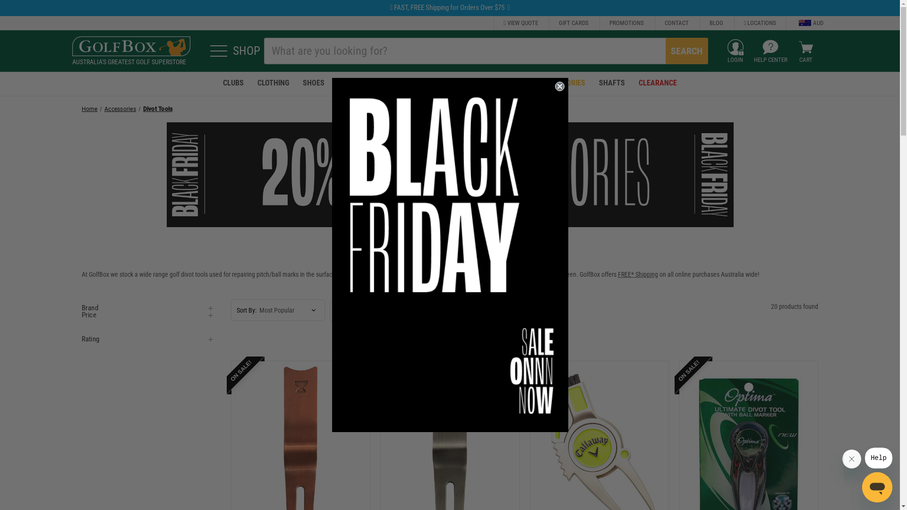 This screenshot has width=907, height=510. What do you see at coordinates (397, 83) in the screenshot?
I see `'BUGGIES'` at bounding box center [397, 83].